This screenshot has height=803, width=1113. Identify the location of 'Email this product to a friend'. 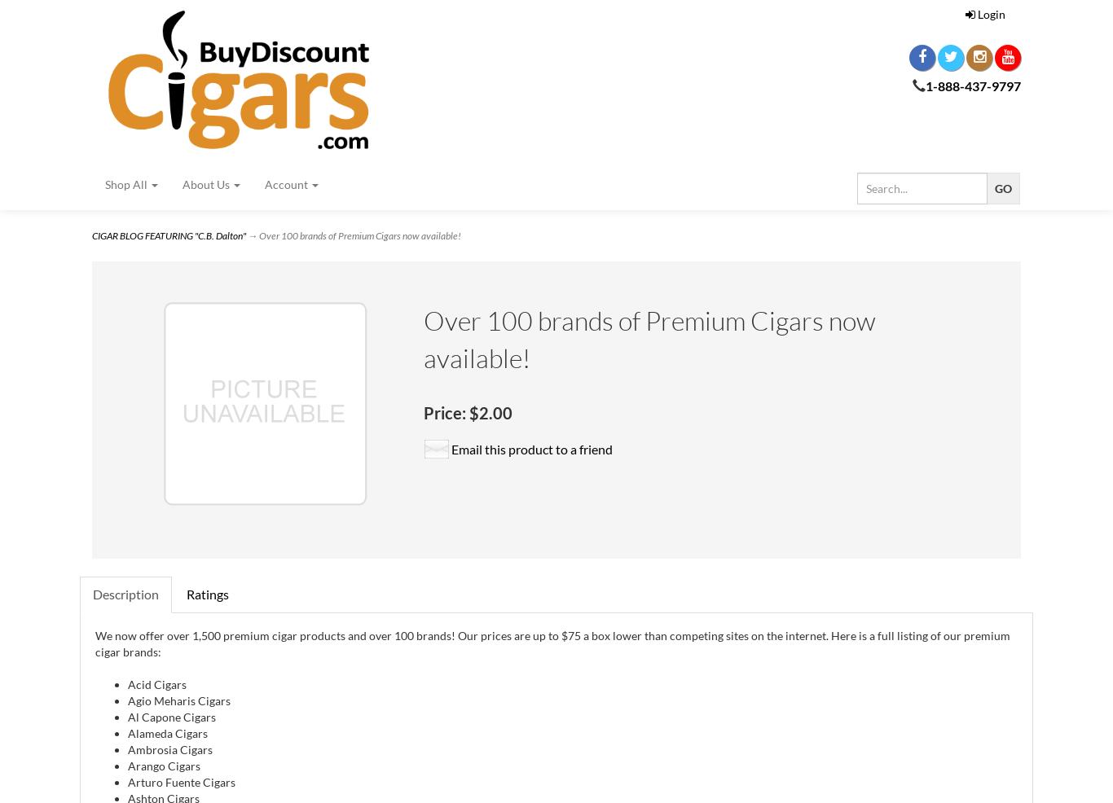
(450, 448).